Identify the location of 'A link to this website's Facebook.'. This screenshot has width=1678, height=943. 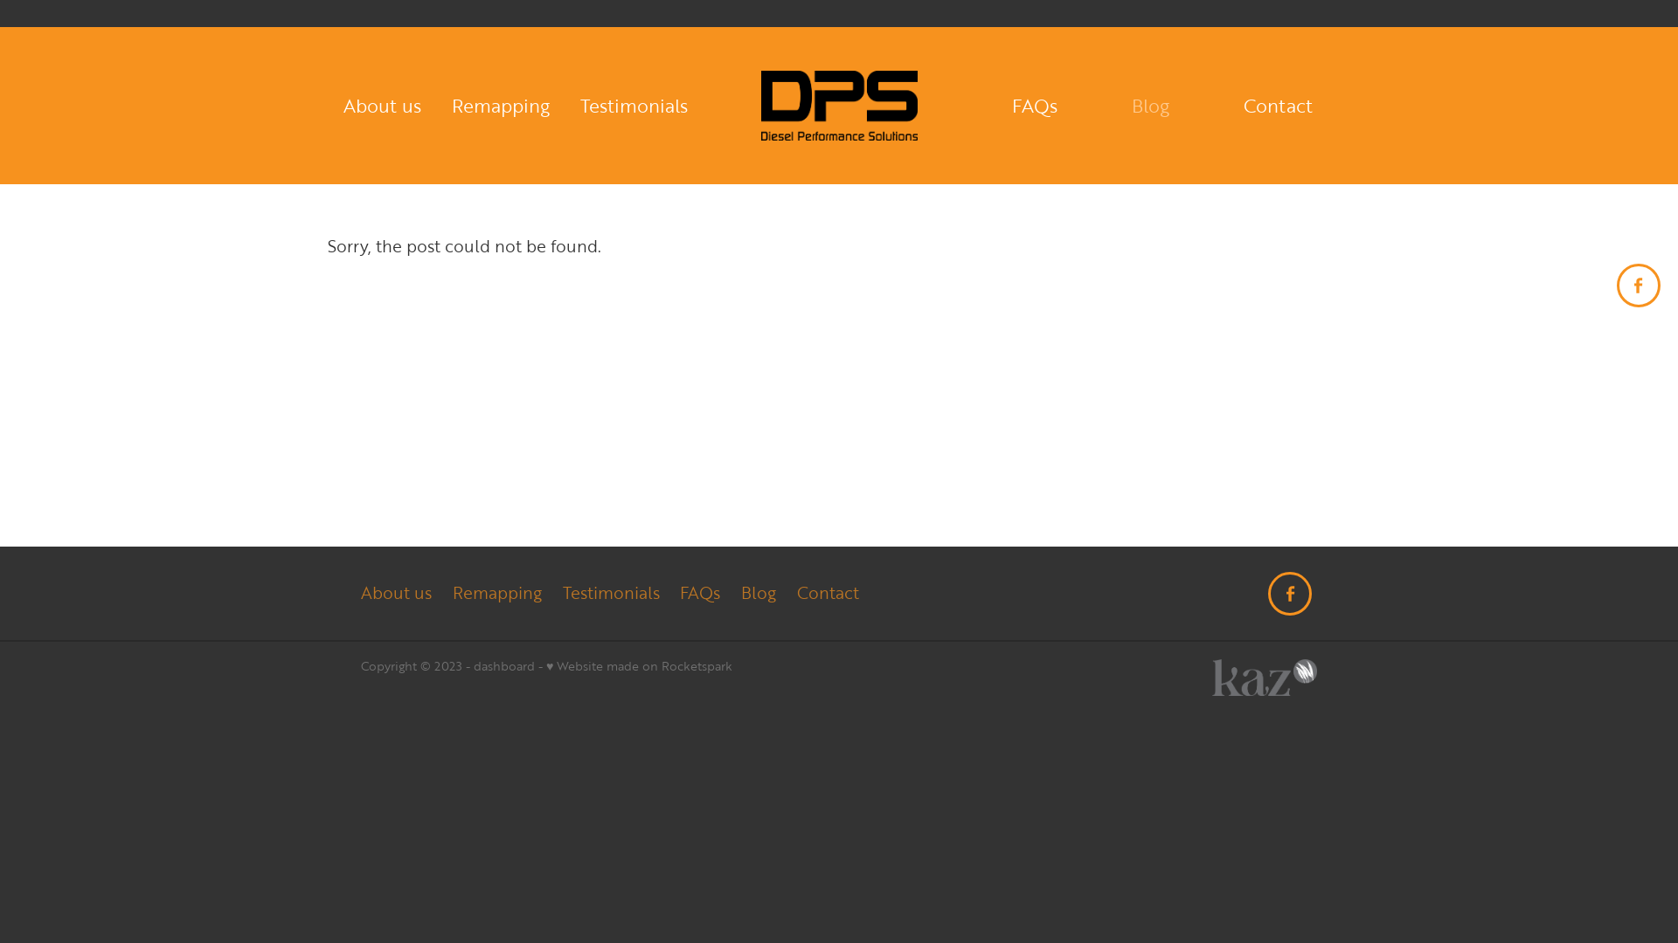
(1615, 285).